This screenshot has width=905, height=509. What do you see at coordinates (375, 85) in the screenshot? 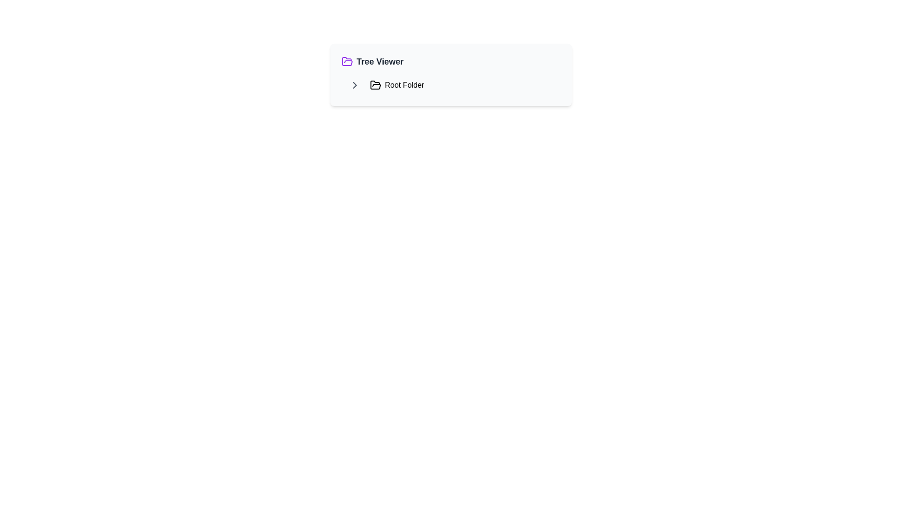
I see `the opened file folder icon represented as an SVG element located next to the 'Root Folder' label in the tree-view interface` at bounding box center [375, 85].